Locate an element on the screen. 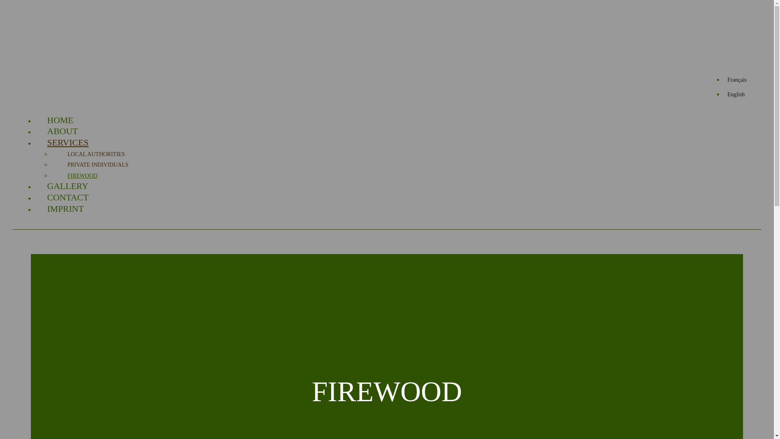  'PRIVATE INDIVIDUALS' is located at coordinates (97, 165).